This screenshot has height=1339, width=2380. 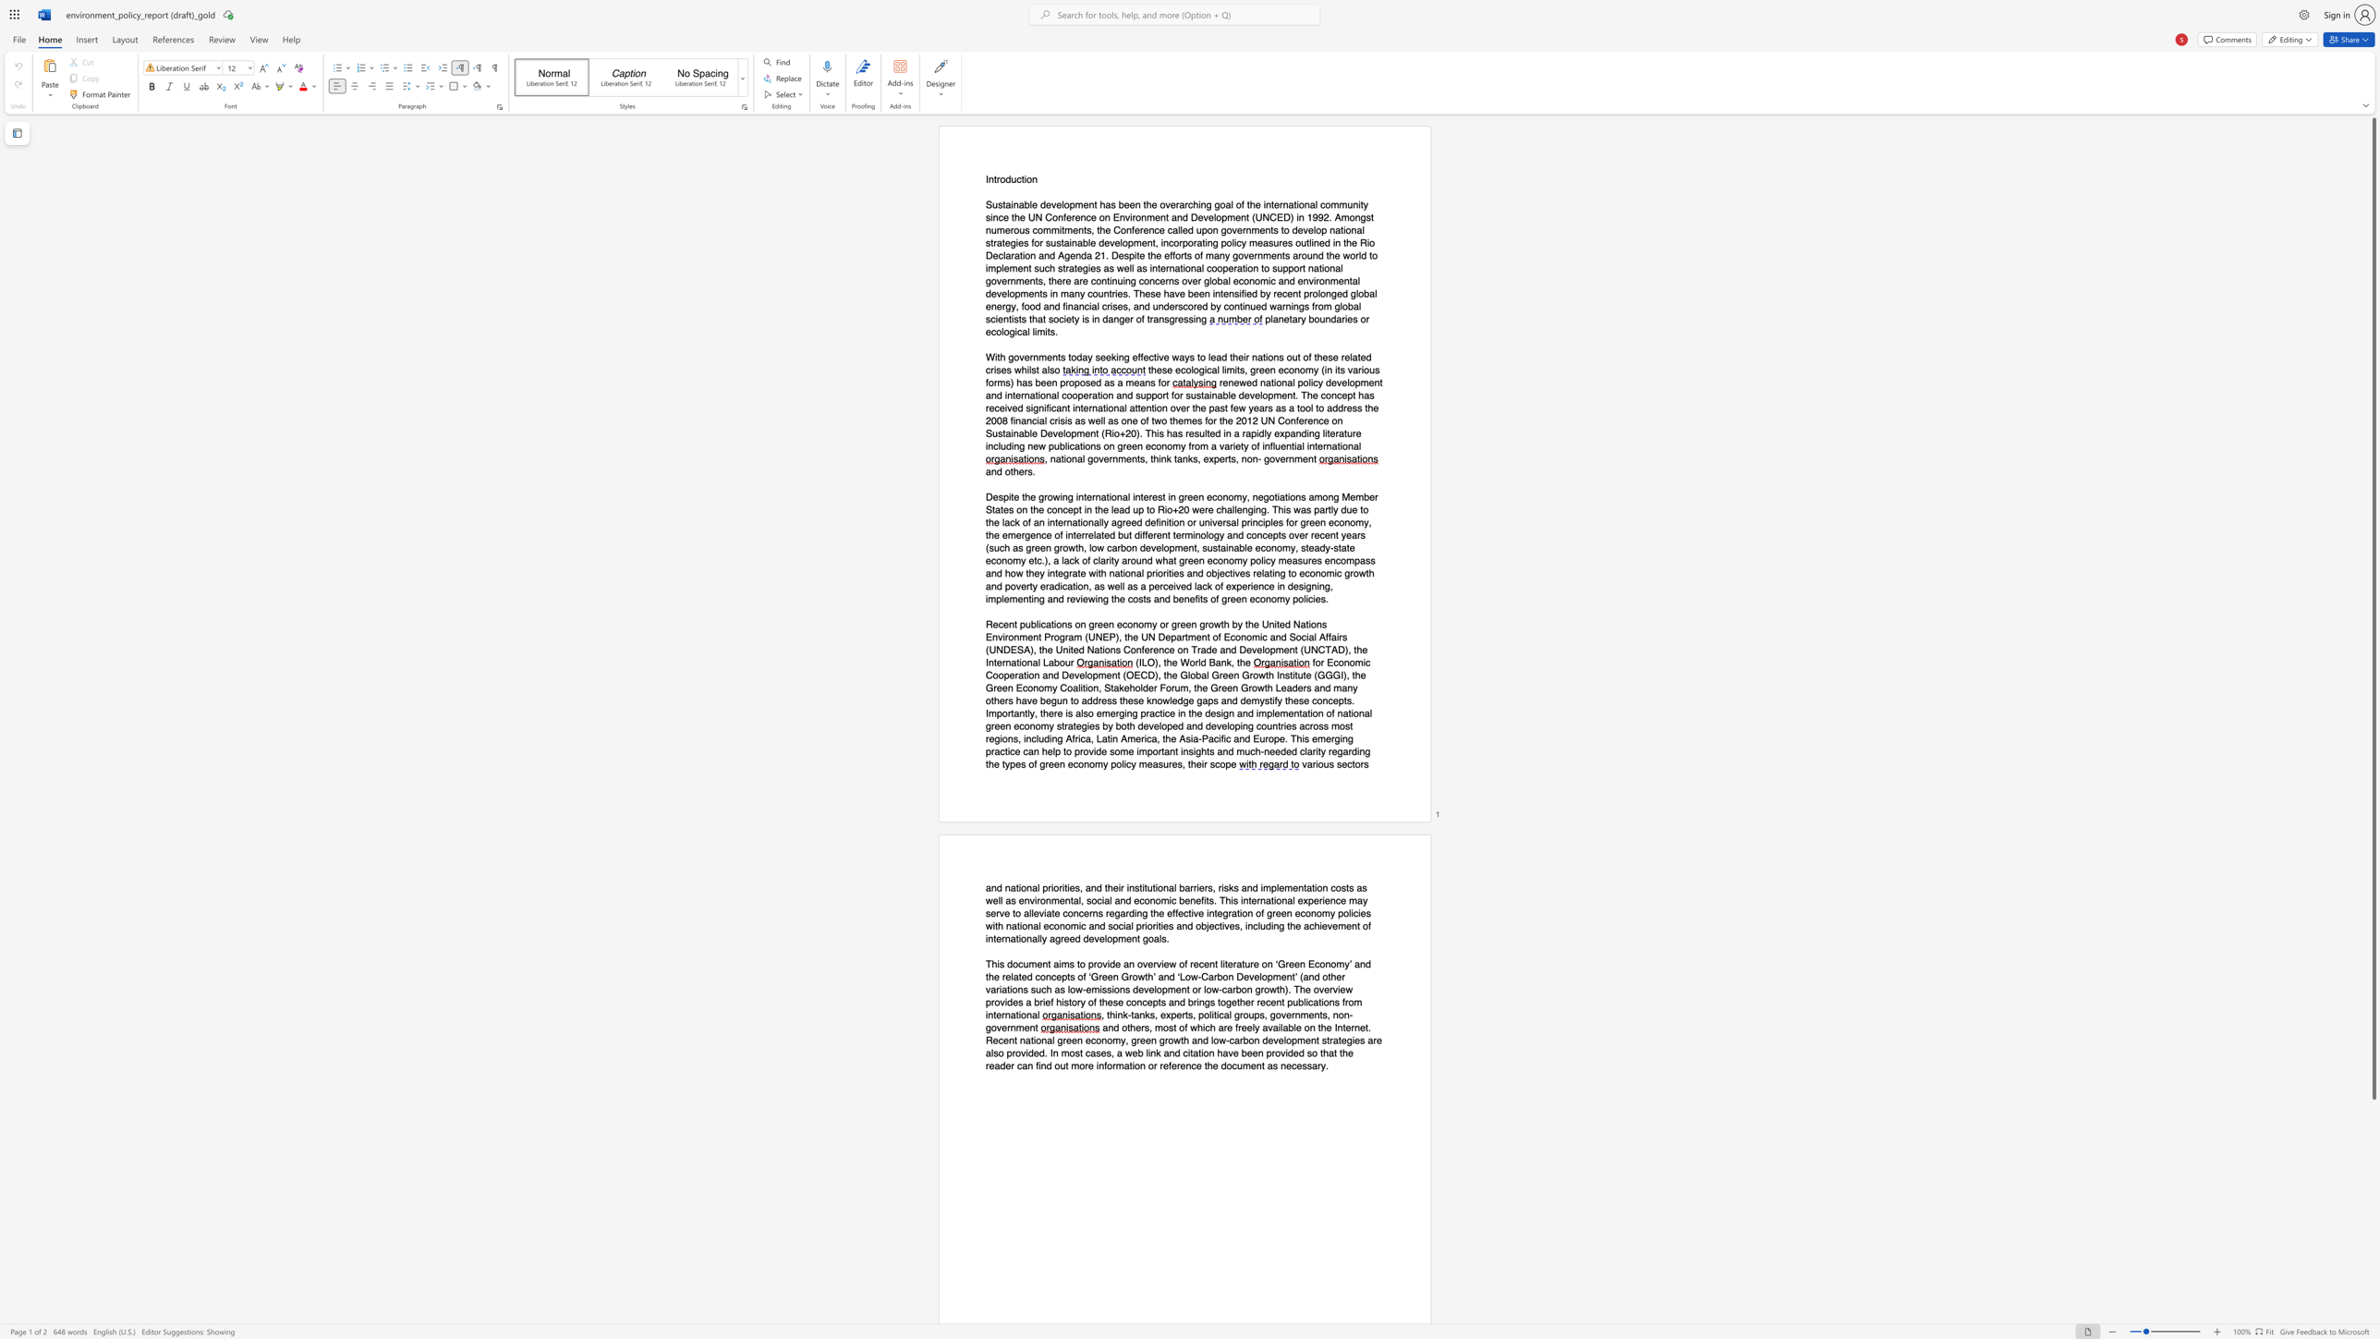 What do you see at coordinates (2373, 1300) in the screenshot?
I see `the scrollbar to move the page down` at bounding box center [2373, 1300].